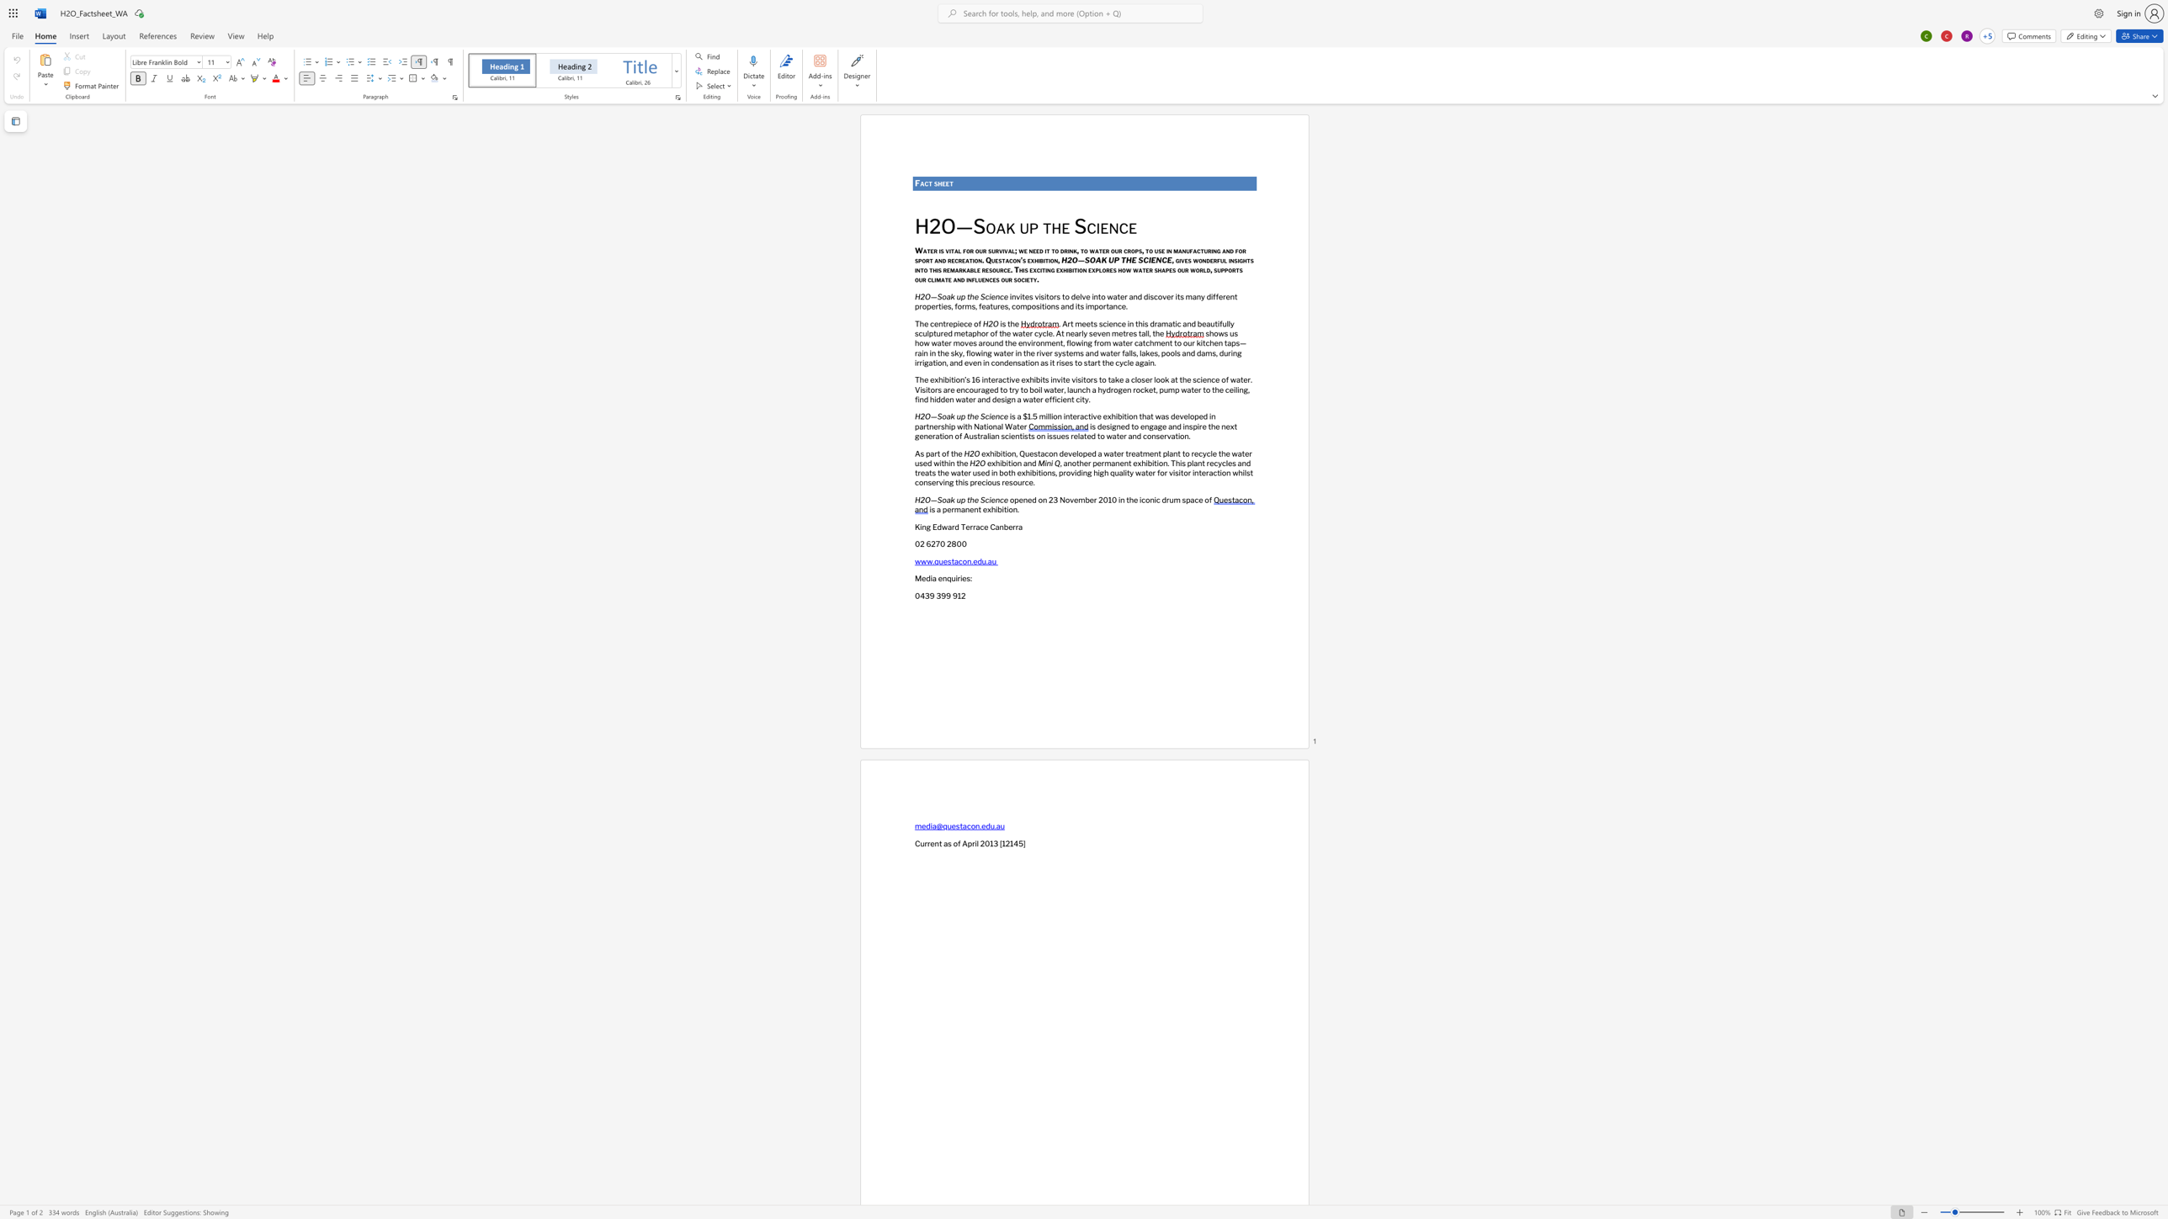 The height and width of the screenshot is (1219, 2168). Describe the element at coordinates (970, 296) in the screenshot. I see `the 1th character "h" in the text` at that location.